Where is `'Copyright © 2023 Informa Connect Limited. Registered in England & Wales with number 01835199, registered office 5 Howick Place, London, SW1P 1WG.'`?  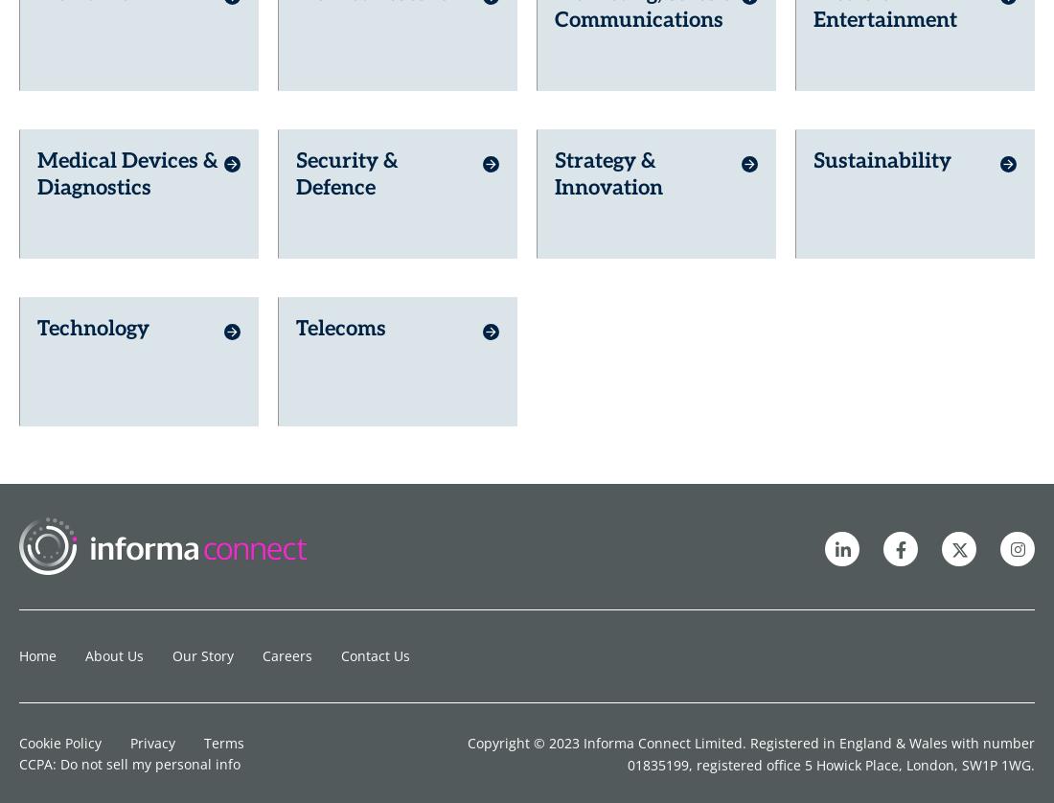
'Copyright © 2023 Informa Connect Limited. Registered in England & Wales with number 01835199, registered office 5 Howick Place, London, SW1P 1WG.' is located at coordinates (750, 533).